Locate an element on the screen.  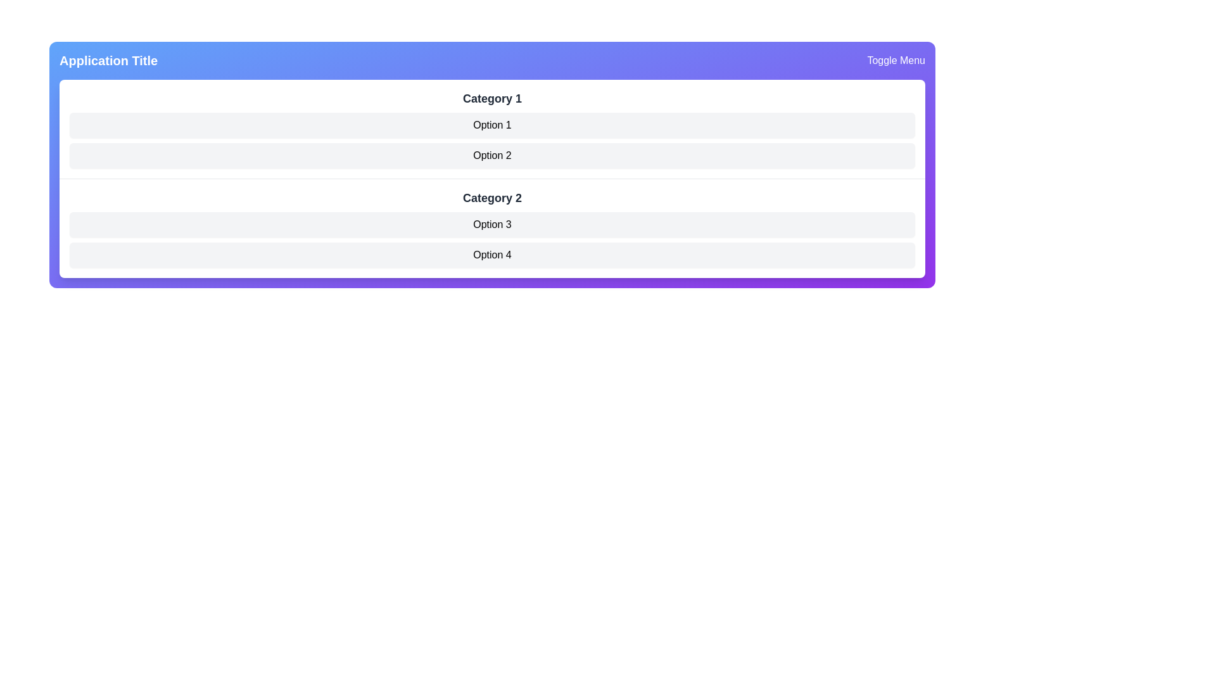
the first selectable option button in the 'Category 1' section, which is styled for interaction but currently non-interactive is located at coordinates (491, 125).